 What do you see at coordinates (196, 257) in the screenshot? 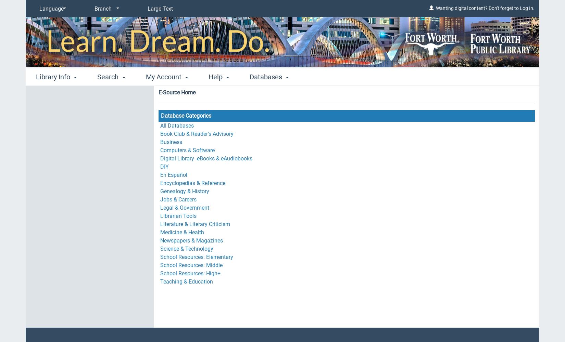
I see `'School Resources: Elementary'` at bounding box center [196, 257].